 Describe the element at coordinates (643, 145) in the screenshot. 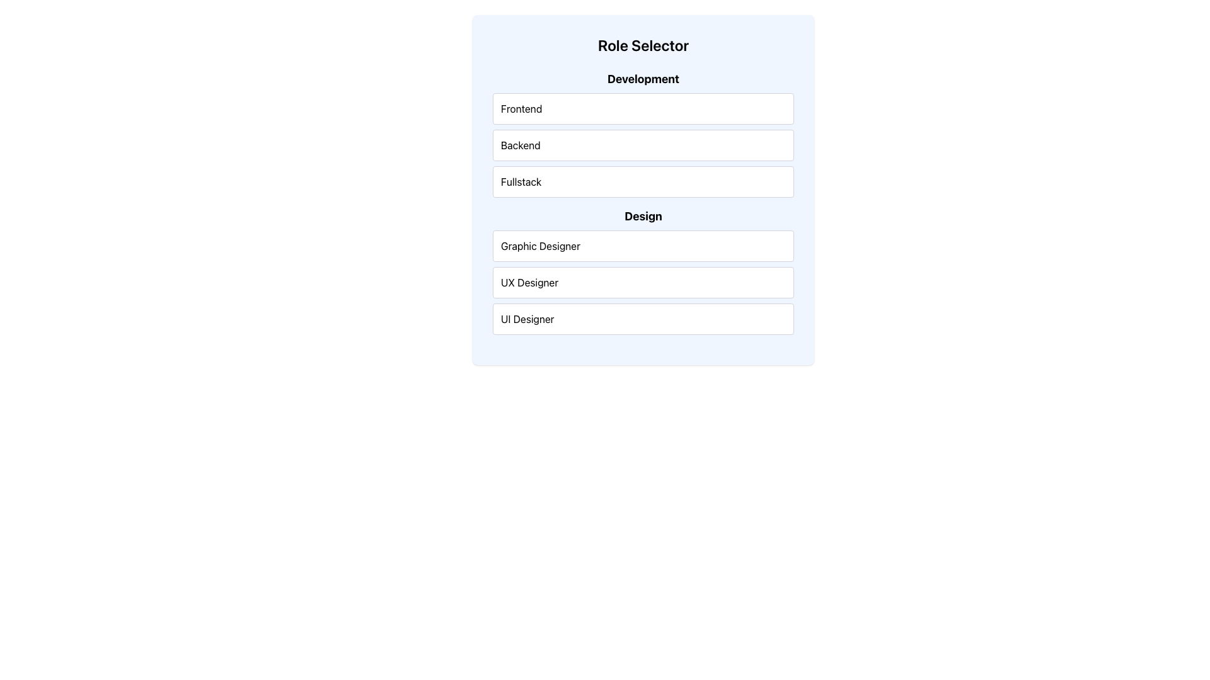

I see `the 'Backend' button, which is a rectangular component with a white background and rounded corners, located below the 'Frontend' button and above the 'Fullstack' button` at that location.